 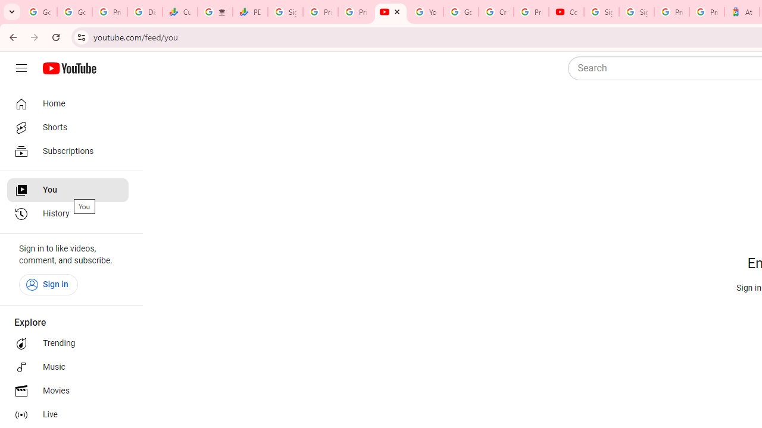 I want to click on 'Sign in - Google Accounts', so click(x=636, y=12).